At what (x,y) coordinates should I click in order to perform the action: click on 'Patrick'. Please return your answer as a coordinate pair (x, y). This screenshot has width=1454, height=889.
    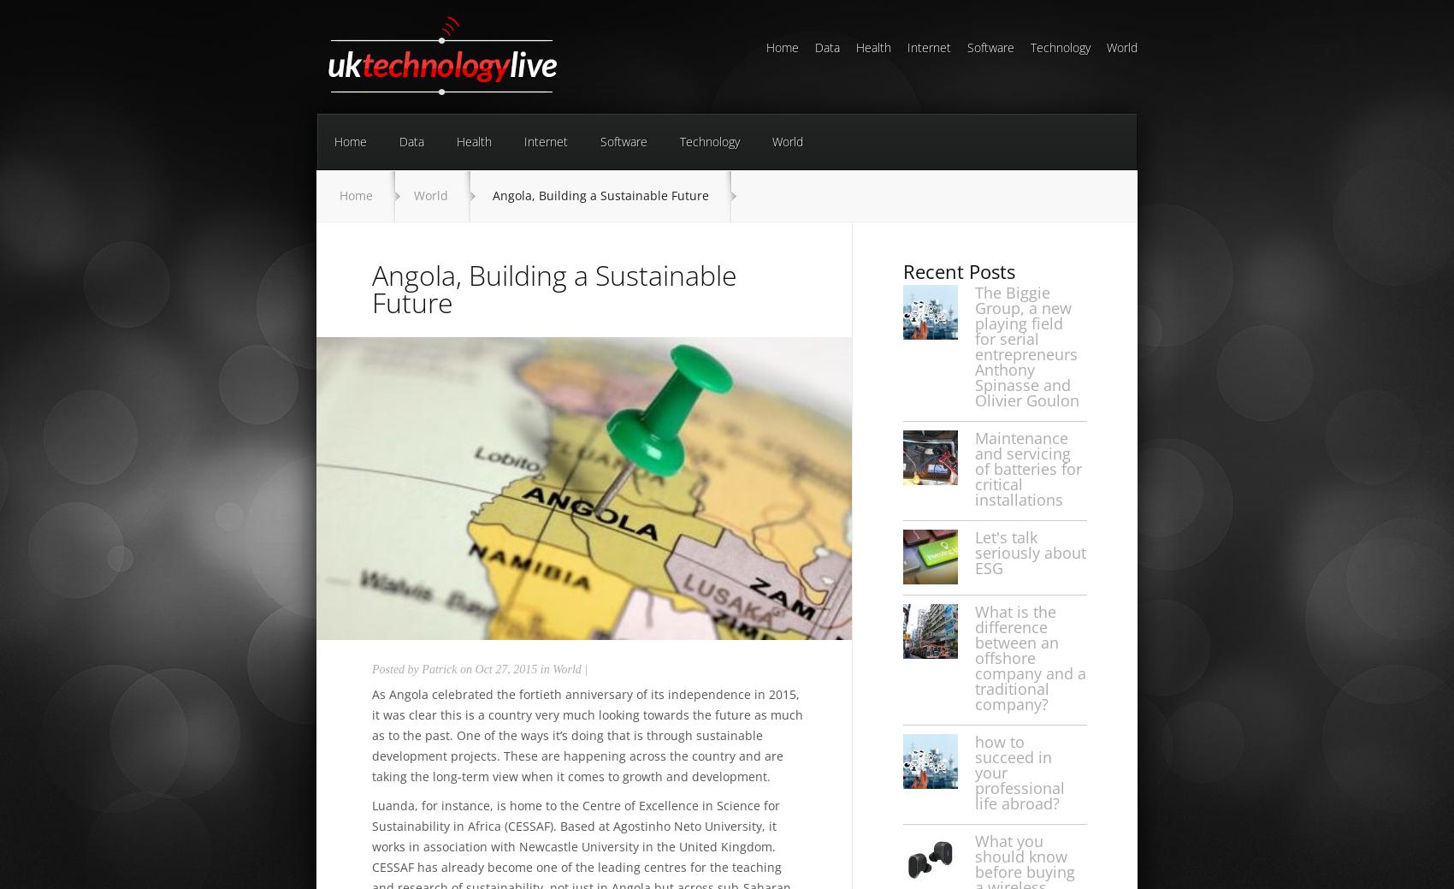
    Looking at the image, I should click on (439, 668).